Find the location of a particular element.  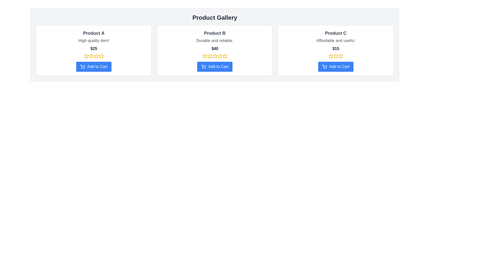

the fourth star-shaped icon in the rating section of 'Product B' to provide a rating is located at coordinates (220, 56).